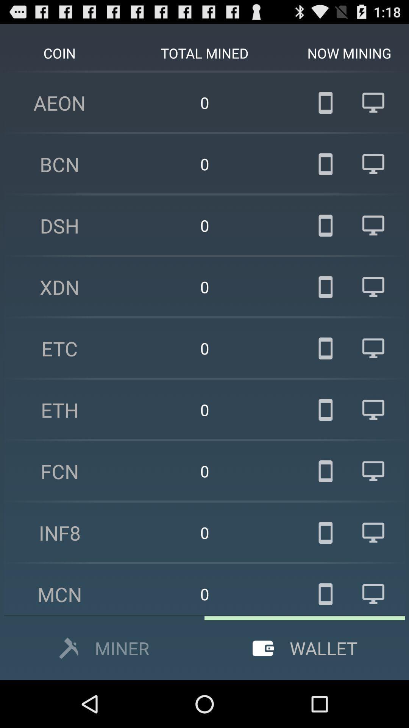  What do you see at coordinates (373, 471) in the screenshot?
I see `last icon in fcn row` at bounding box center [373, 471].